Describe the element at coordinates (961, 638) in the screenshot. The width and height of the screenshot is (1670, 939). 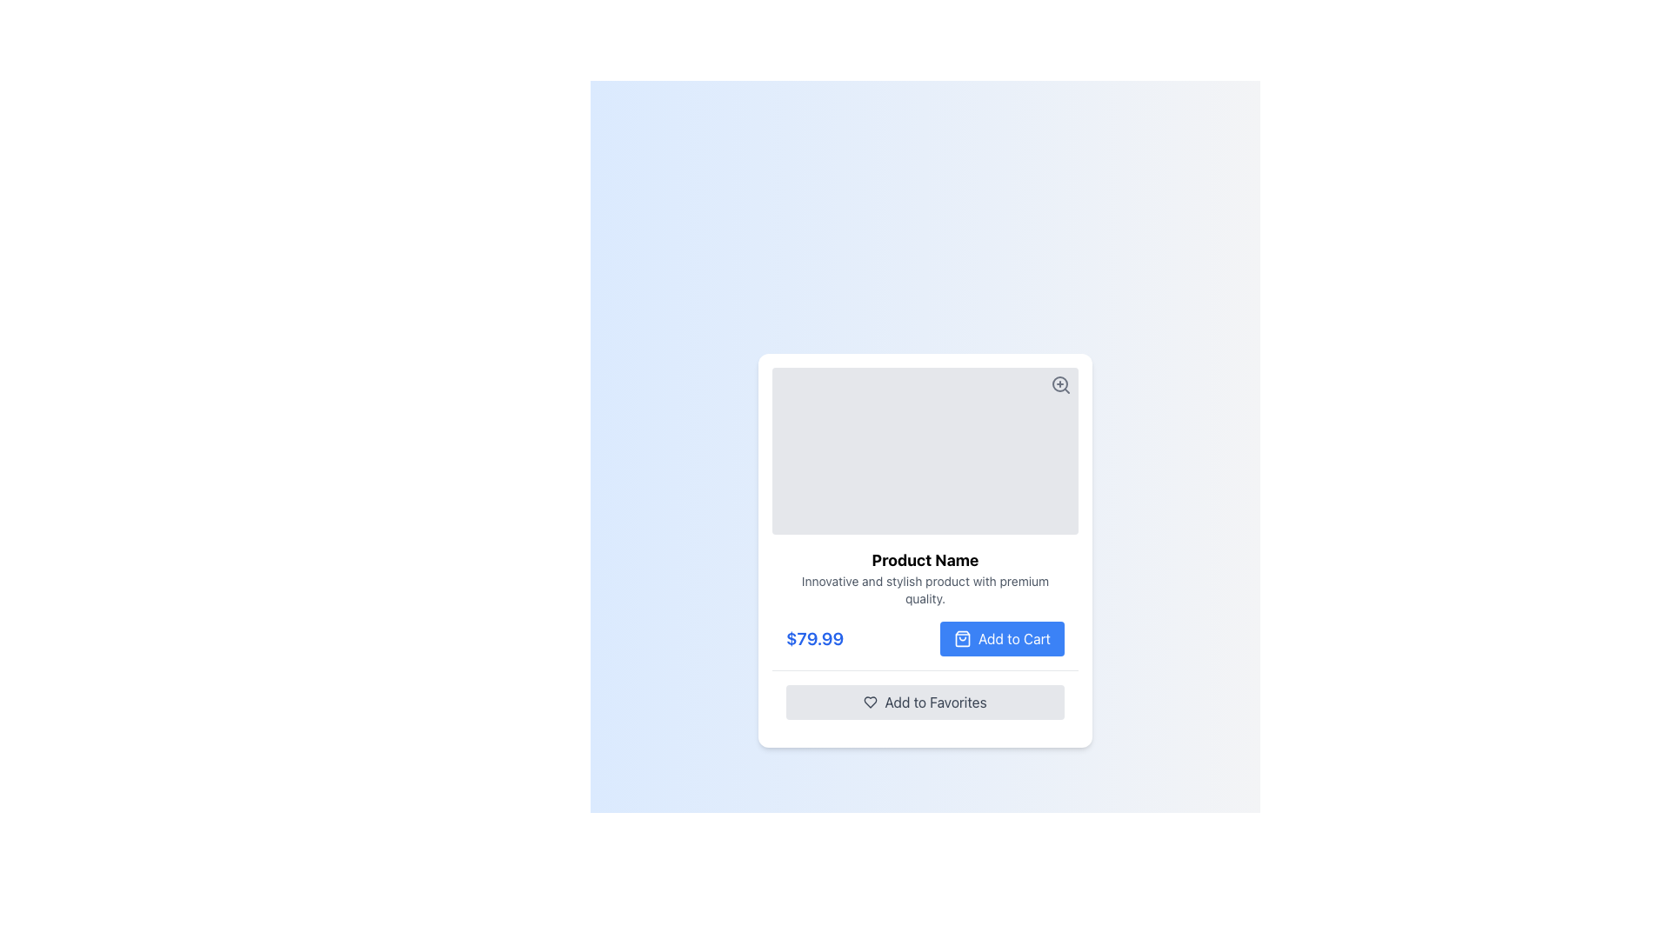
I see `the shopping bag icon located to the left of the 'Add to Cart' text within the blue rectangular button` at that location.